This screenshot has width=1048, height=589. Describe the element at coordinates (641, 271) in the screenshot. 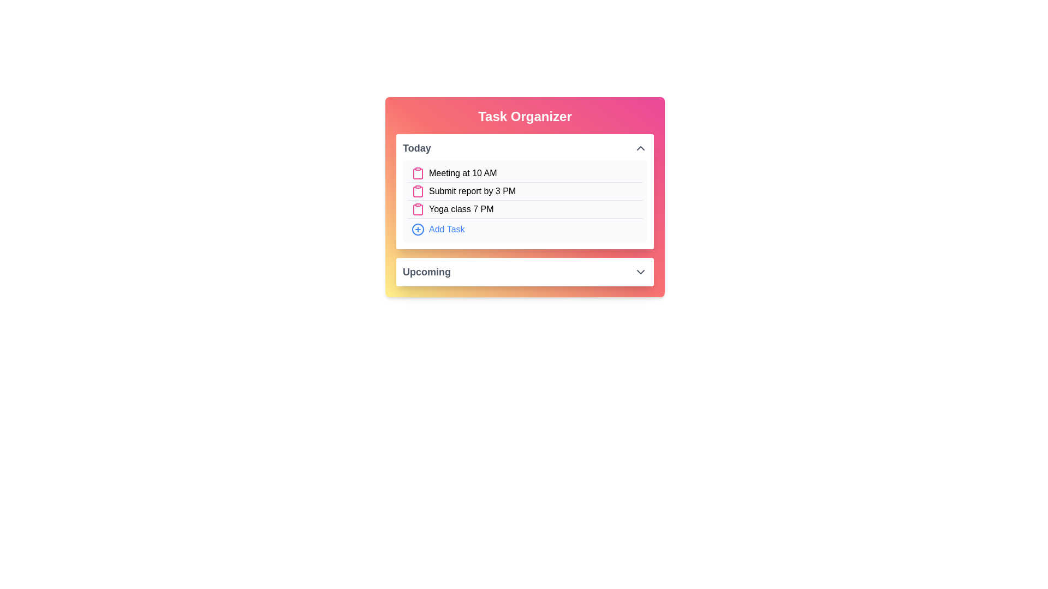

I see `the downward-facing chevron icon located on the far right side of the 'Upcoming' section` at that location.